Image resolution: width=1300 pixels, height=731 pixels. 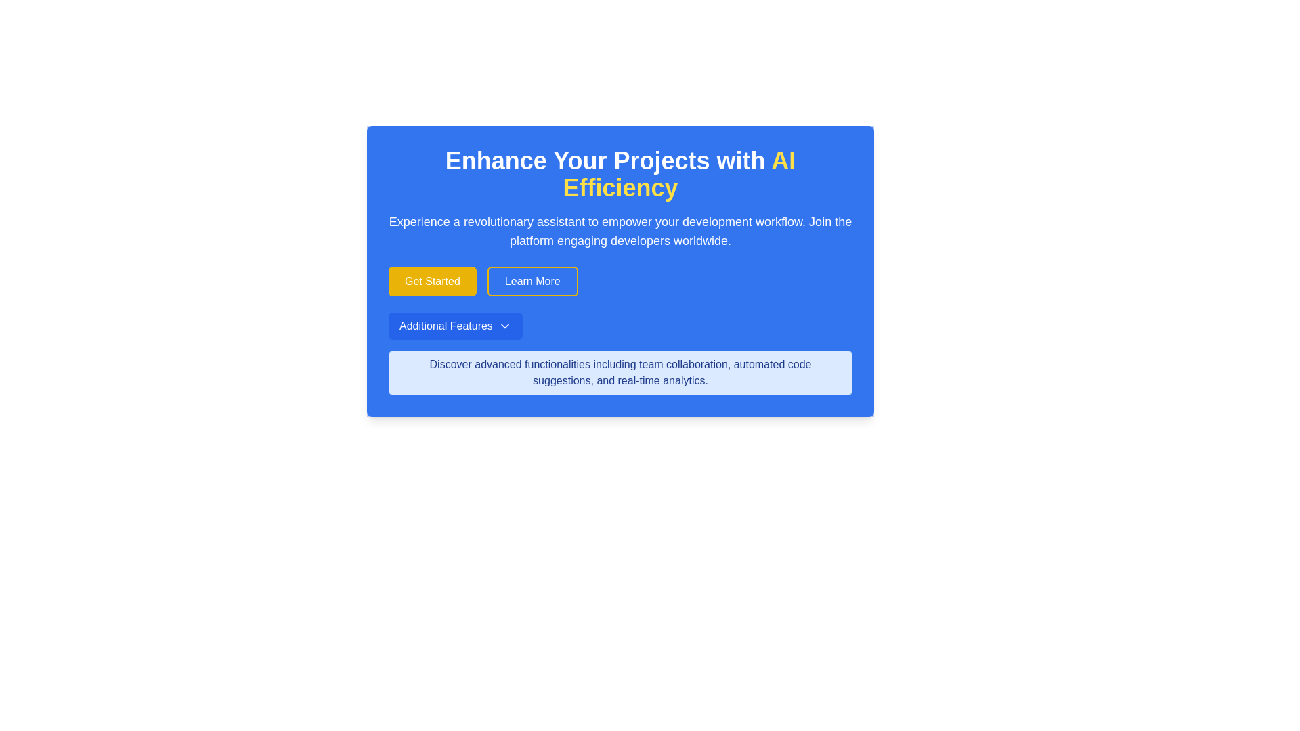 What do you see at coordinates (446, 326) in the screenshot?
I see `the Text Label displaying 'Additional Features', which has white text on a blue background, located below the 'Get Started' and 'Learn More' buttons` at bounding box center [446, 326].